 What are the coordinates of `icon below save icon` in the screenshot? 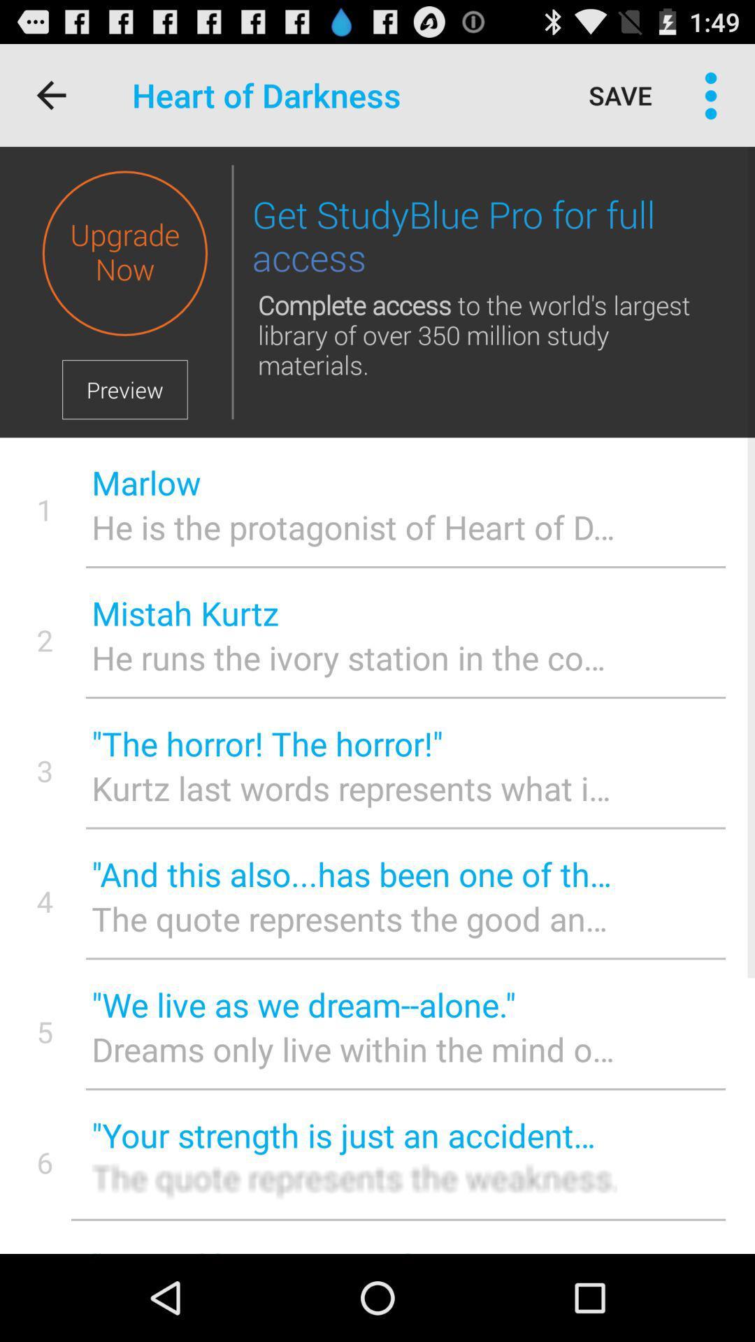 It's located at (484, 237).